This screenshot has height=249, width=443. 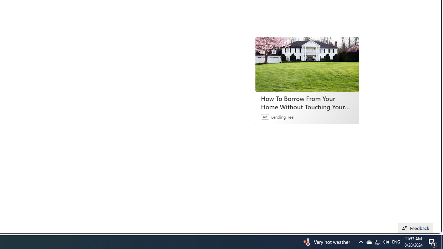 I want to click on 'LendingTree', so click(x=282, y=116).